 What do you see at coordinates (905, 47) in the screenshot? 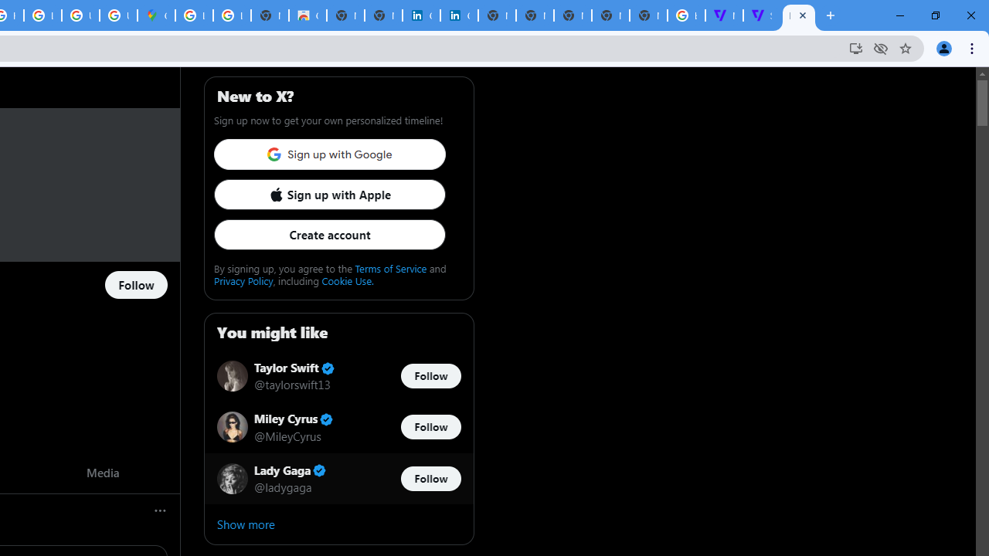
I see `'Bookmark this tab'` at bounding box center [905, 47].